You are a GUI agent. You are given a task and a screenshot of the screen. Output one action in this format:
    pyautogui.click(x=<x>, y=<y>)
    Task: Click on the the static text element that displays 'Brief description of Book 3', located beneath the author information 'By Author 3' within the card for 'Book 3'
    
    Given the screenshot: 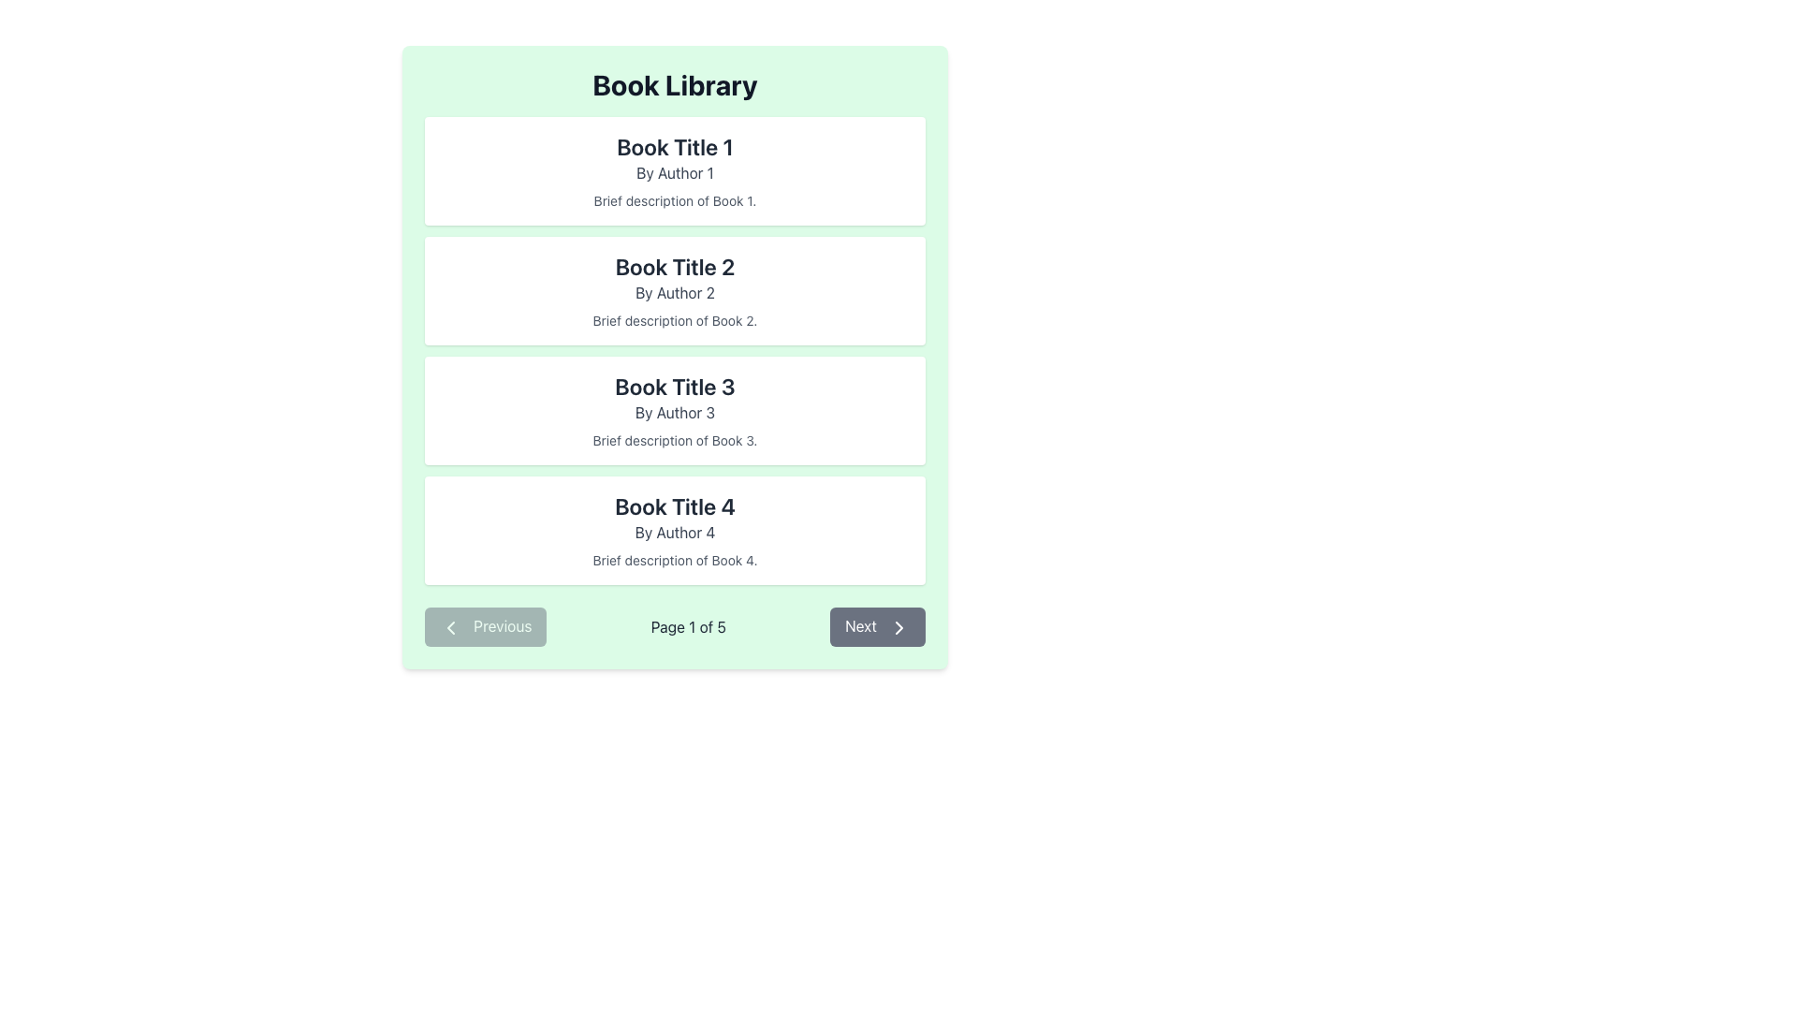 What is the action you would take?
    pyautogui.click(x=674, y=440)
    